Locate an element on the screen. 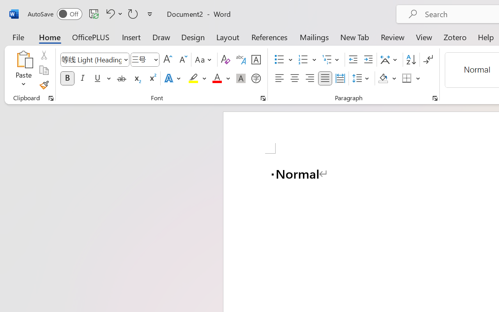  'Save' is located at coordinates (94, 13).